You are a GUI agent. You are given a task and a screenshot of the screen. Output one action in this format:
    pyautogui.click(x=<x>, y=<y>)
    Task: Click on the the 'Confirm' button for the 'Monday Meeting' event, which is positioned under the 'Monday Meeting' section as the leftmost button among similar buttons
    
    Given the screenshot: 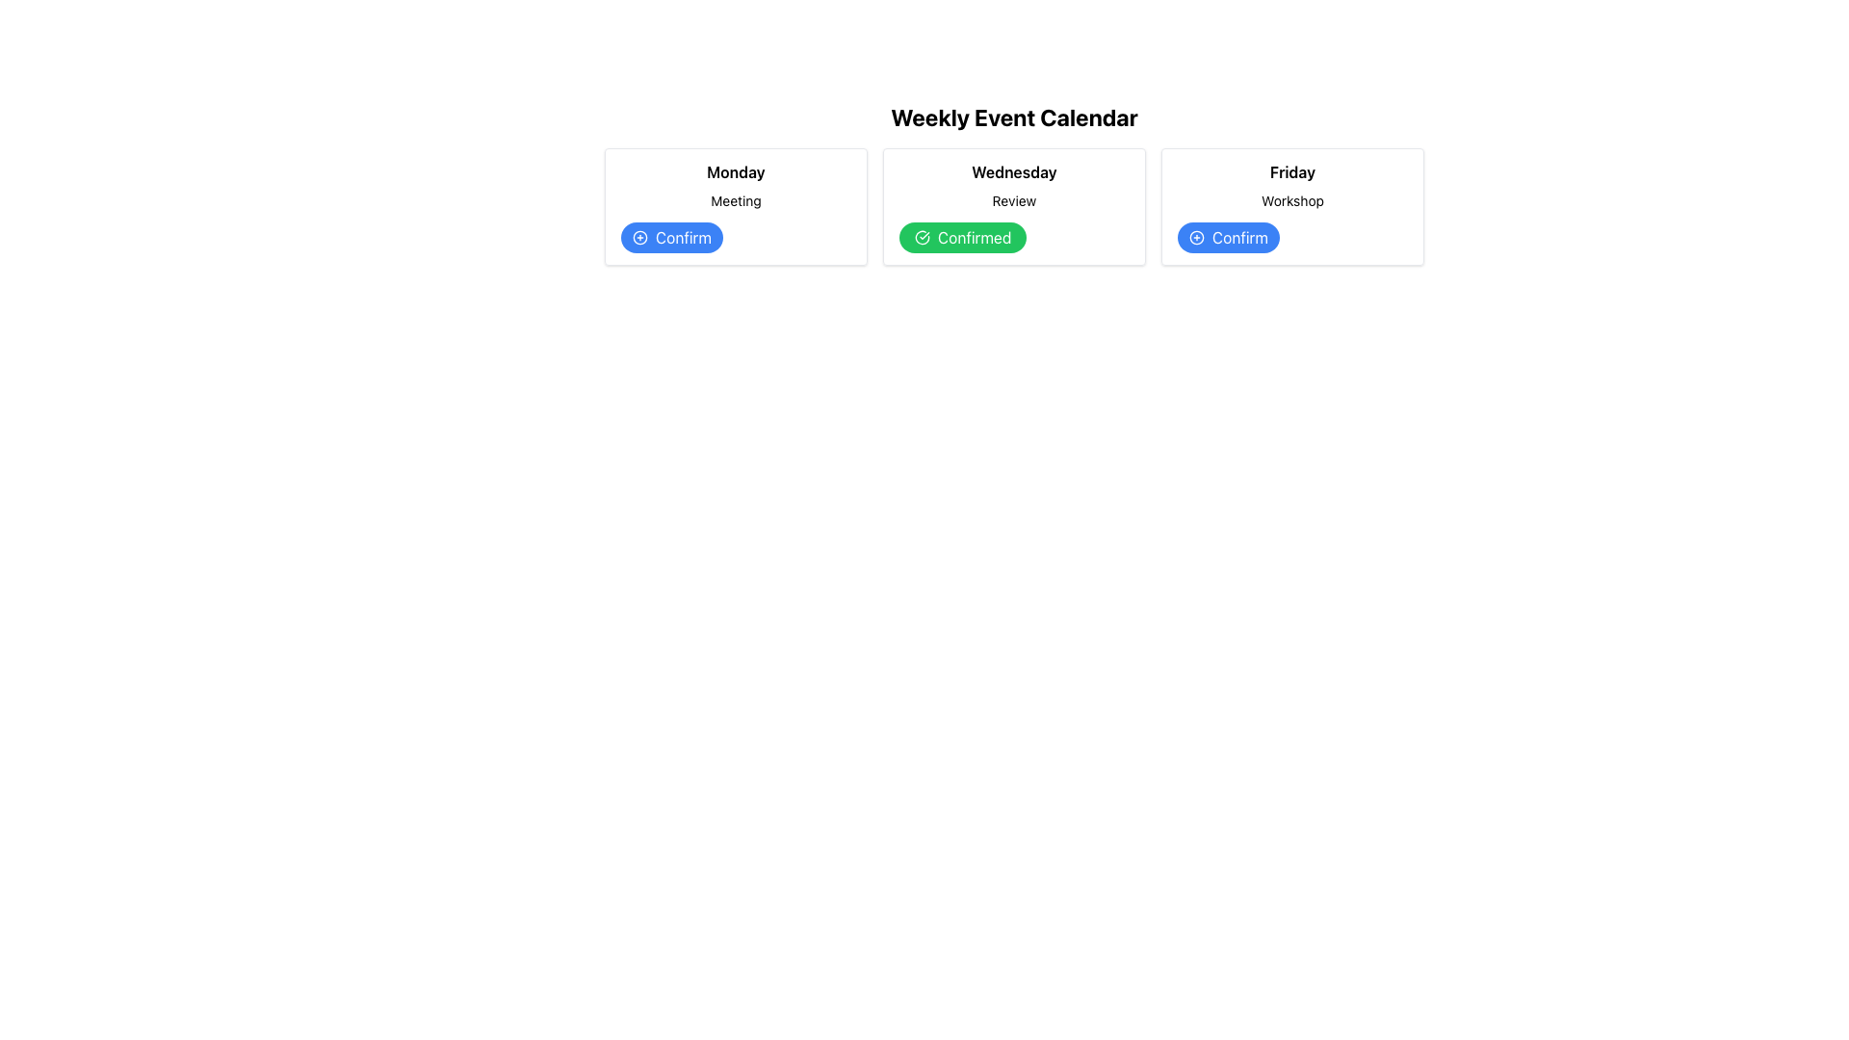 What is the action you would take?
    pyautogui.click(x=671, y=236)
    